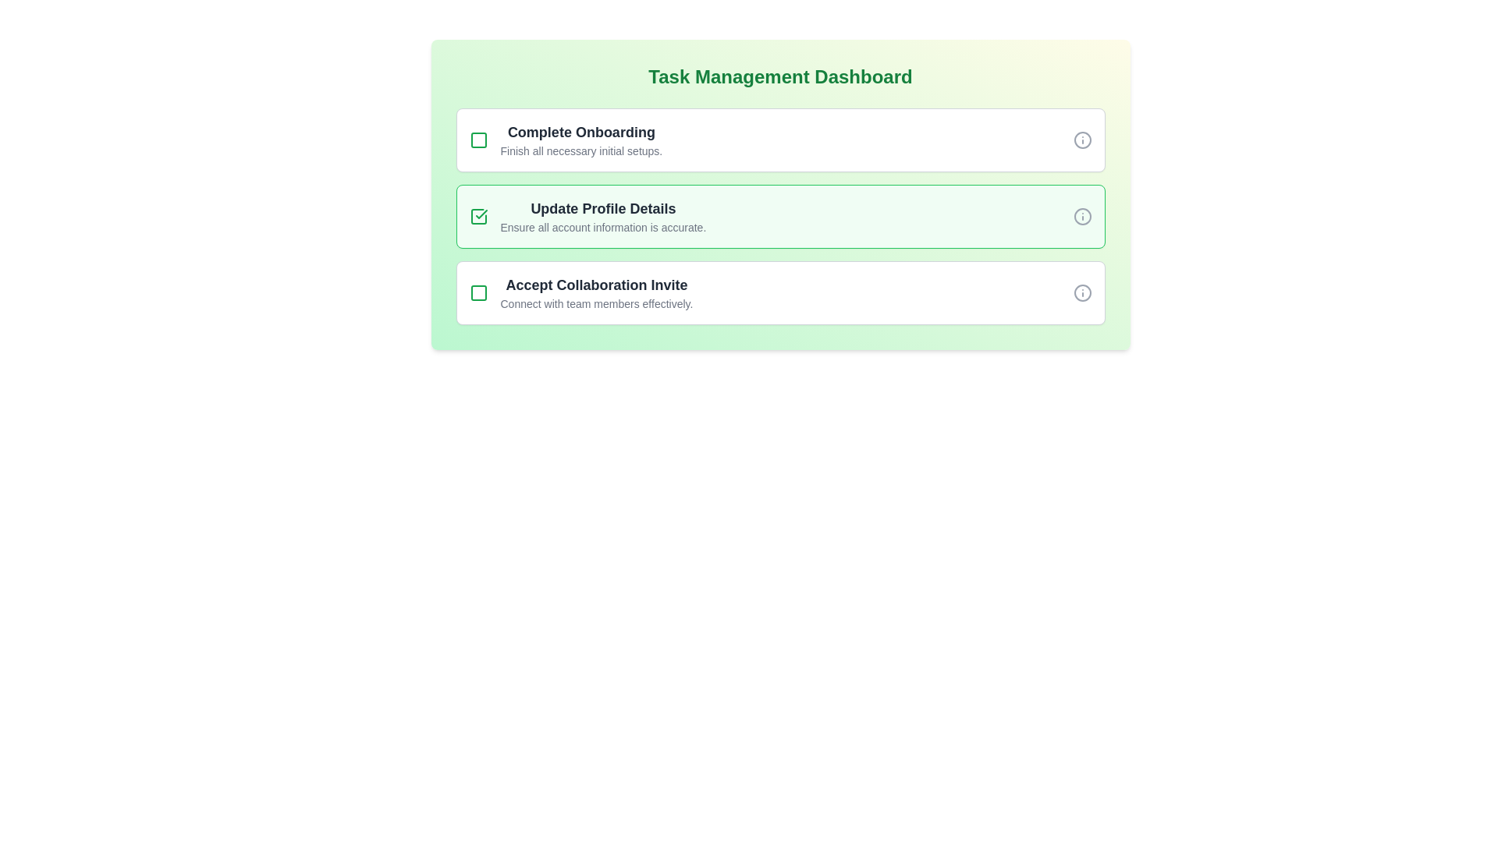 This screenshot has height=842, width=1498. What do you see at coordinates (780, 77) in the screenshot?
I see `the Header/Text Label that indicates the Task Management Dashboard, located at the top-center of the panel with a green gradient background` at bounding box center [780, 77].